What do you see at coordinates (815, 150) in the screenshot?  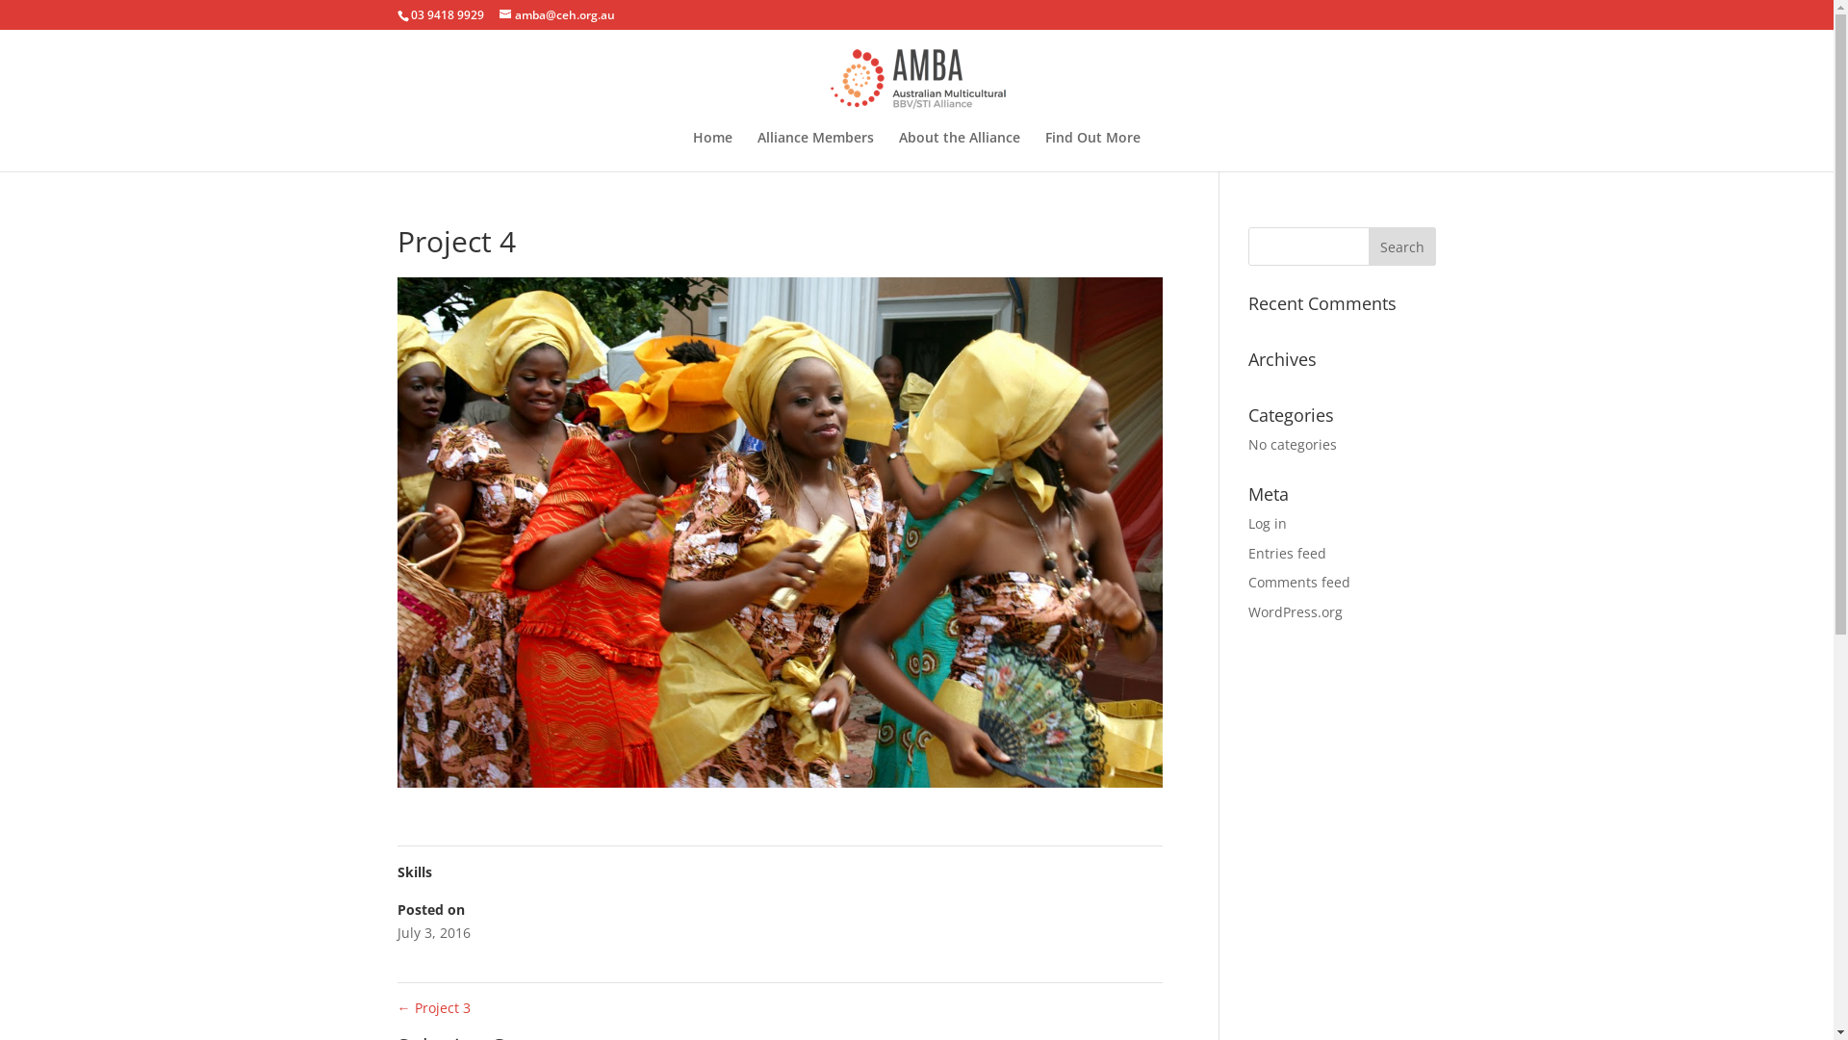 I see `'Alliance Members'` at bounding box center [815, 150].